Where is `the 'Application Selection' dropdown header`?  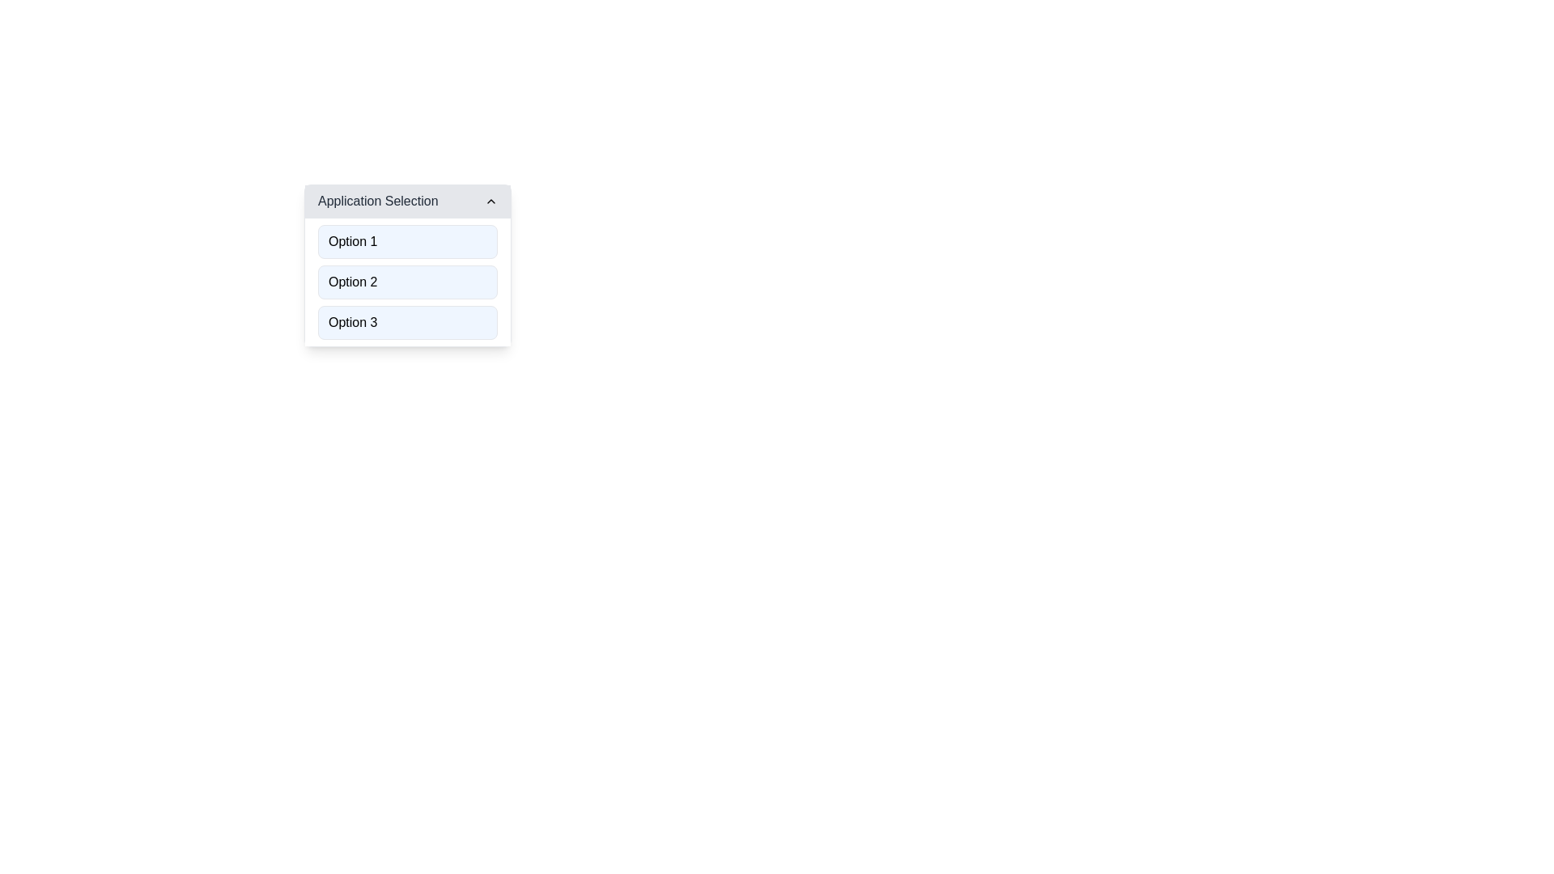 the 'Application Selection' dropdown header is located at coordinates (408, 201).